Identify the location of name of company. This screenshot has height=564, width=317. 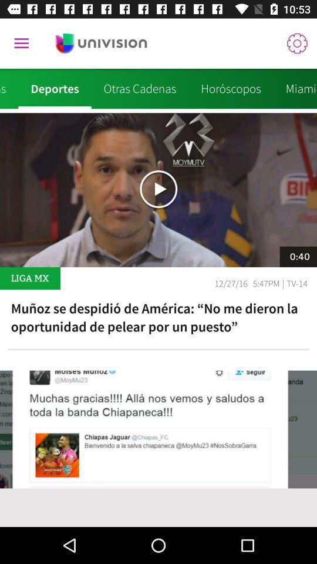
(101, 43).